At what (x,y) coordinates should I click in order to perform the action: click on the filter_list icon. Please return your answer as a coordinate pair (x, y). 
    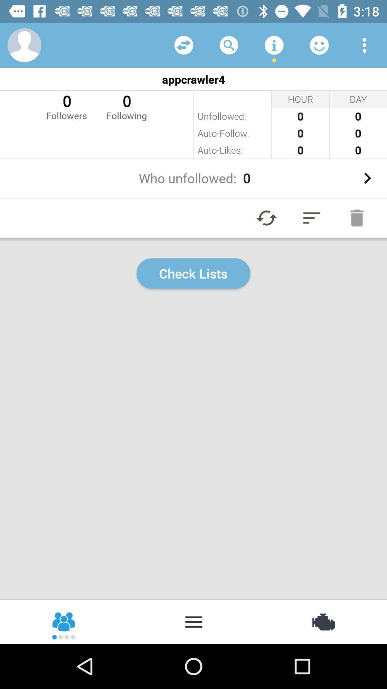
    Looking at the image, I should click on (311, 217).